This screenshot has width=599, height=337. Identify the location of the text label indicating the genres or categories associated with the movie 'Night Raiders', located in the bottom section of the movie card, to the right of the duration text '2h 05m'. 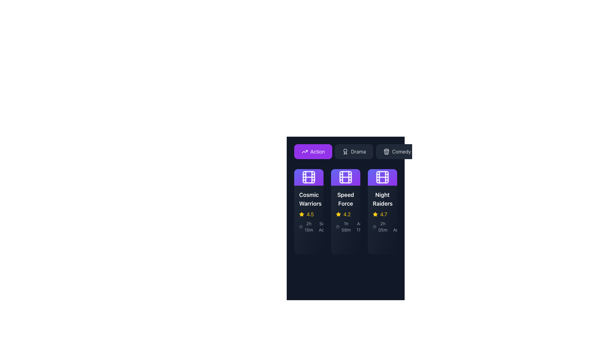
(403, 227).